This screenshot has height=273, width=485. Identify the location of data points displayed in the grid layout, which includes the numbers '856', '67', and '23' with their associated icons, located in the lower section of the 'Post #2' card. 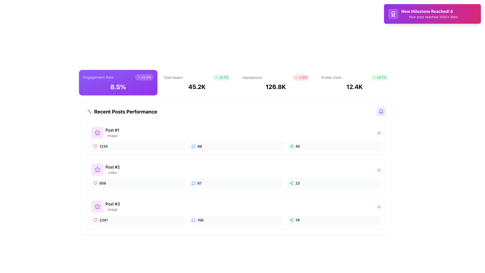
(236, 183).